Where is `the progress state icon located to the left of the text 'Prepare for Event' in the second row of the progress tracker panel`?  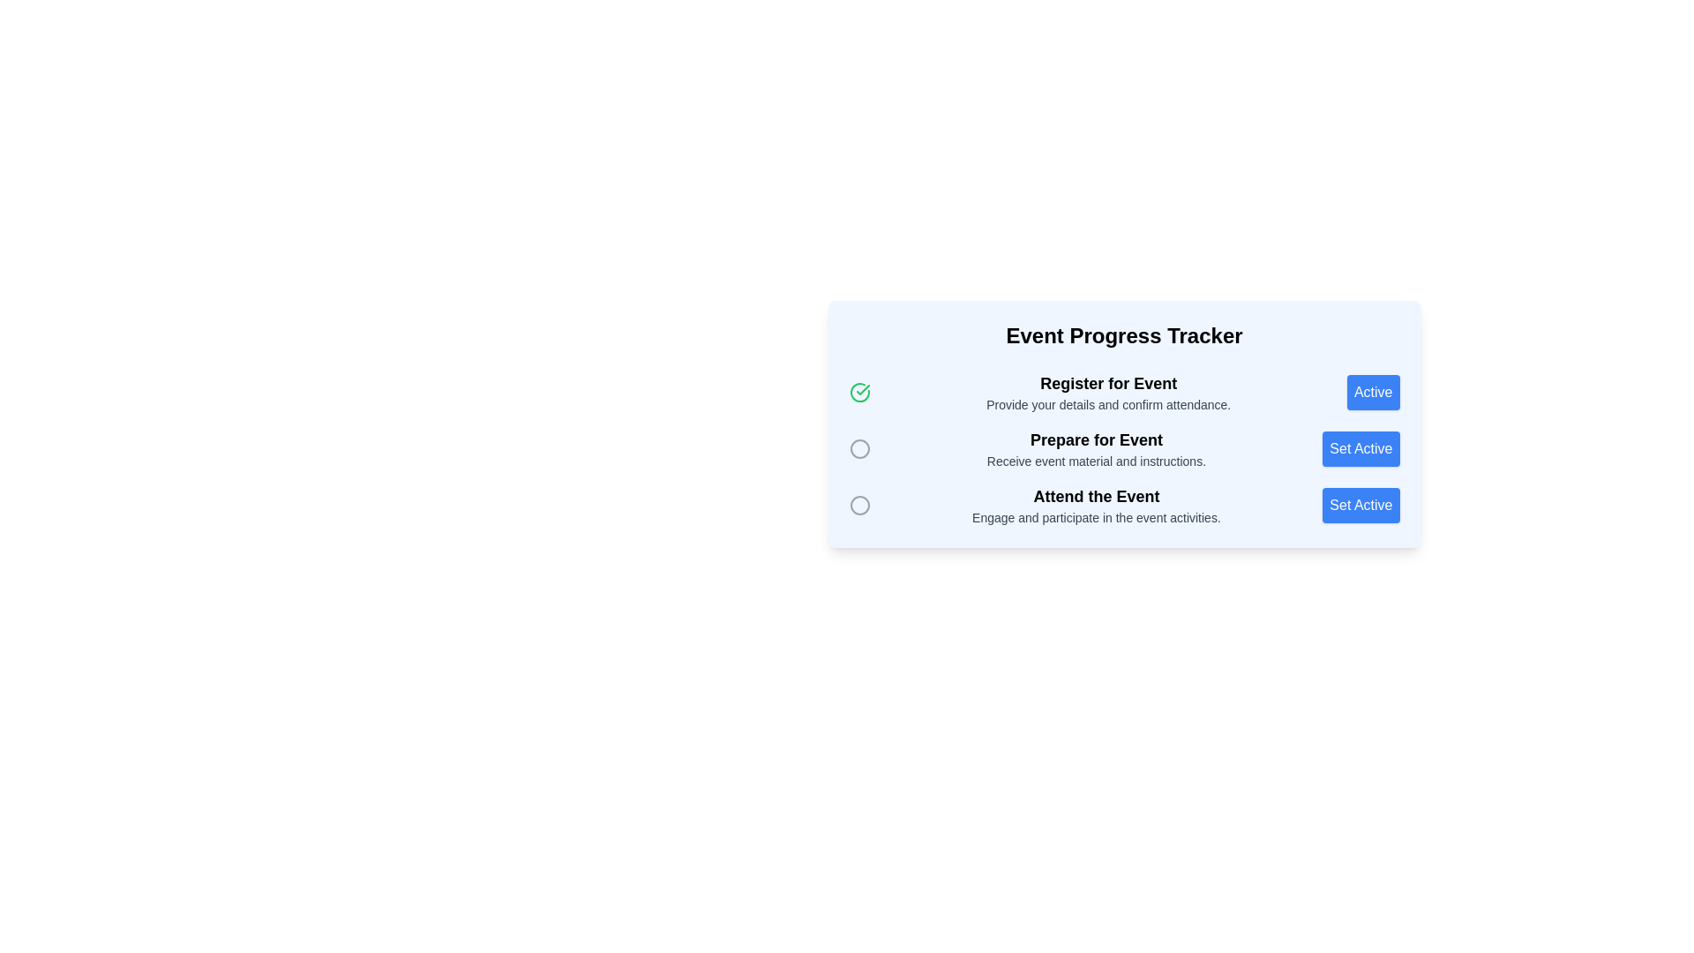
the progress state icon located to the left of the text 'Prepare for Event' in the second row of the progress tracker panel is located at coordinates (866, 448).